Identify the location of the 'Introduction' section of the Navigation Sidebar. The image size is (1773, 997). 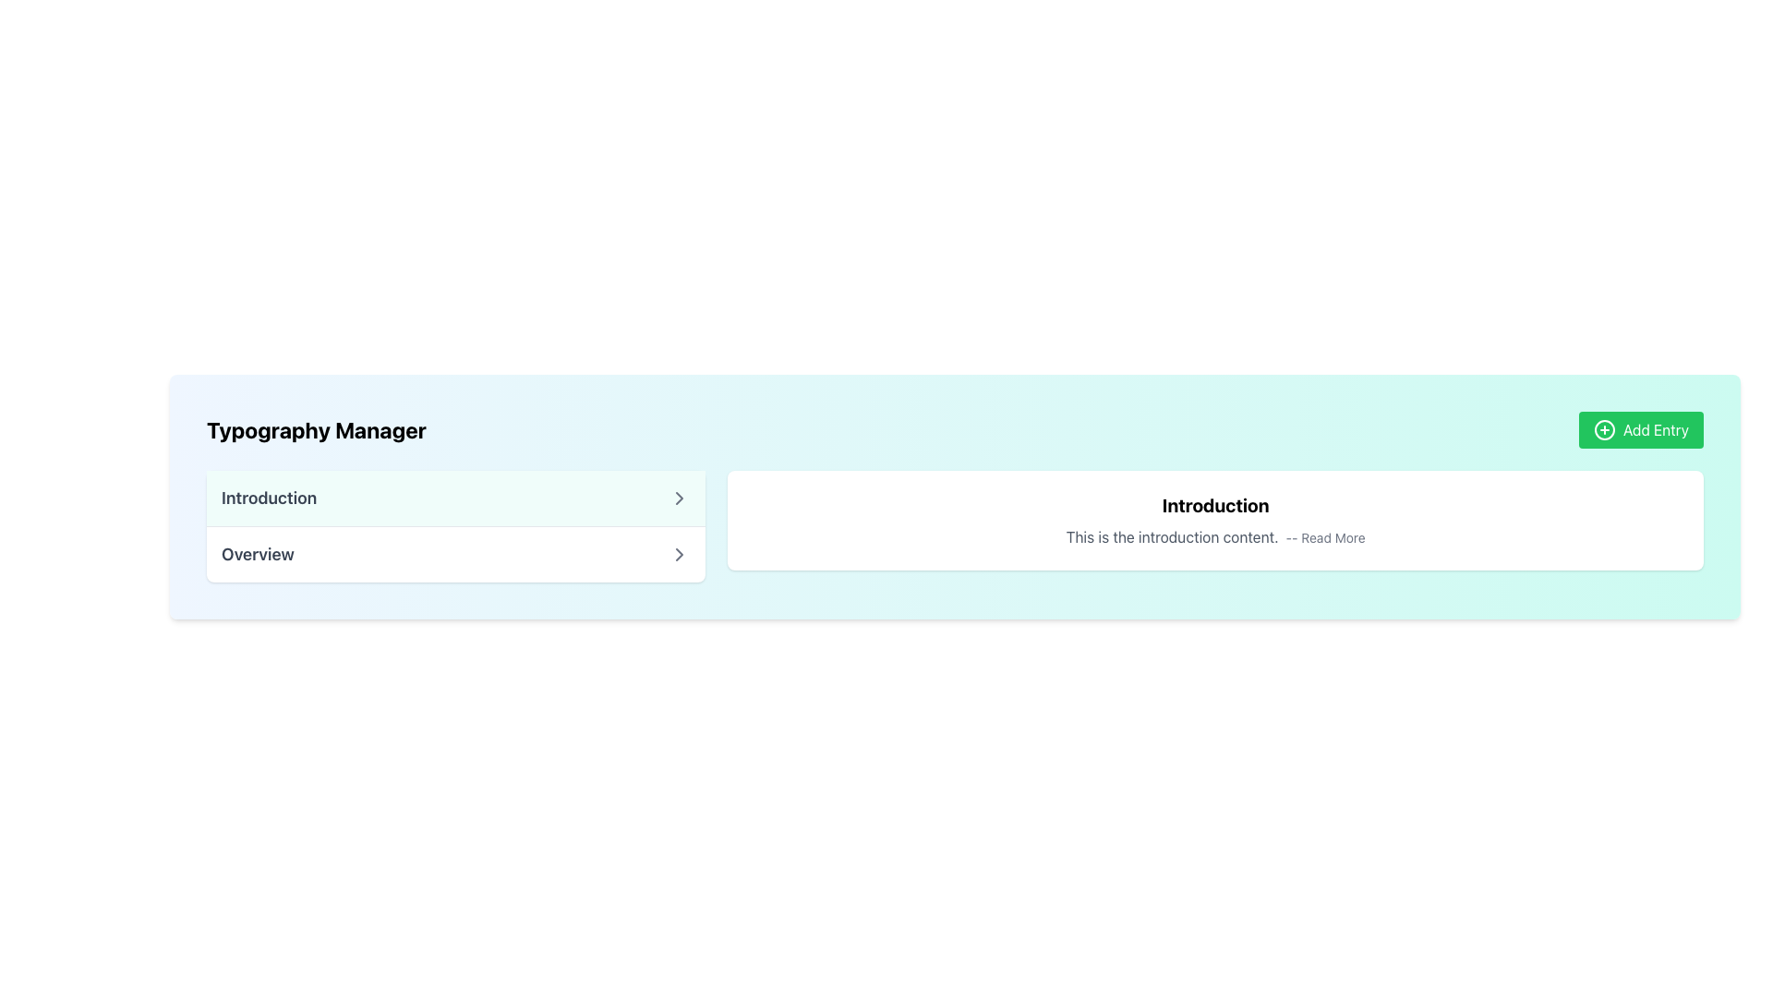
(456, 526).